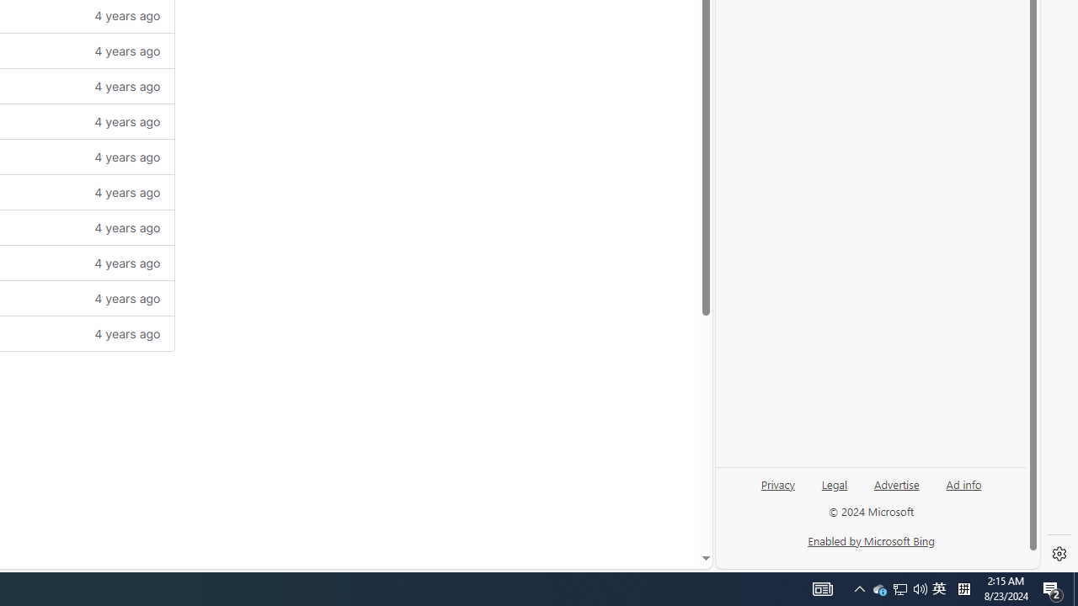 The image size is (1078, 606). What do you see at coordinates (963, 491) in the screenshot?
I see `'Ad info'` at bounding box center [963, 491].